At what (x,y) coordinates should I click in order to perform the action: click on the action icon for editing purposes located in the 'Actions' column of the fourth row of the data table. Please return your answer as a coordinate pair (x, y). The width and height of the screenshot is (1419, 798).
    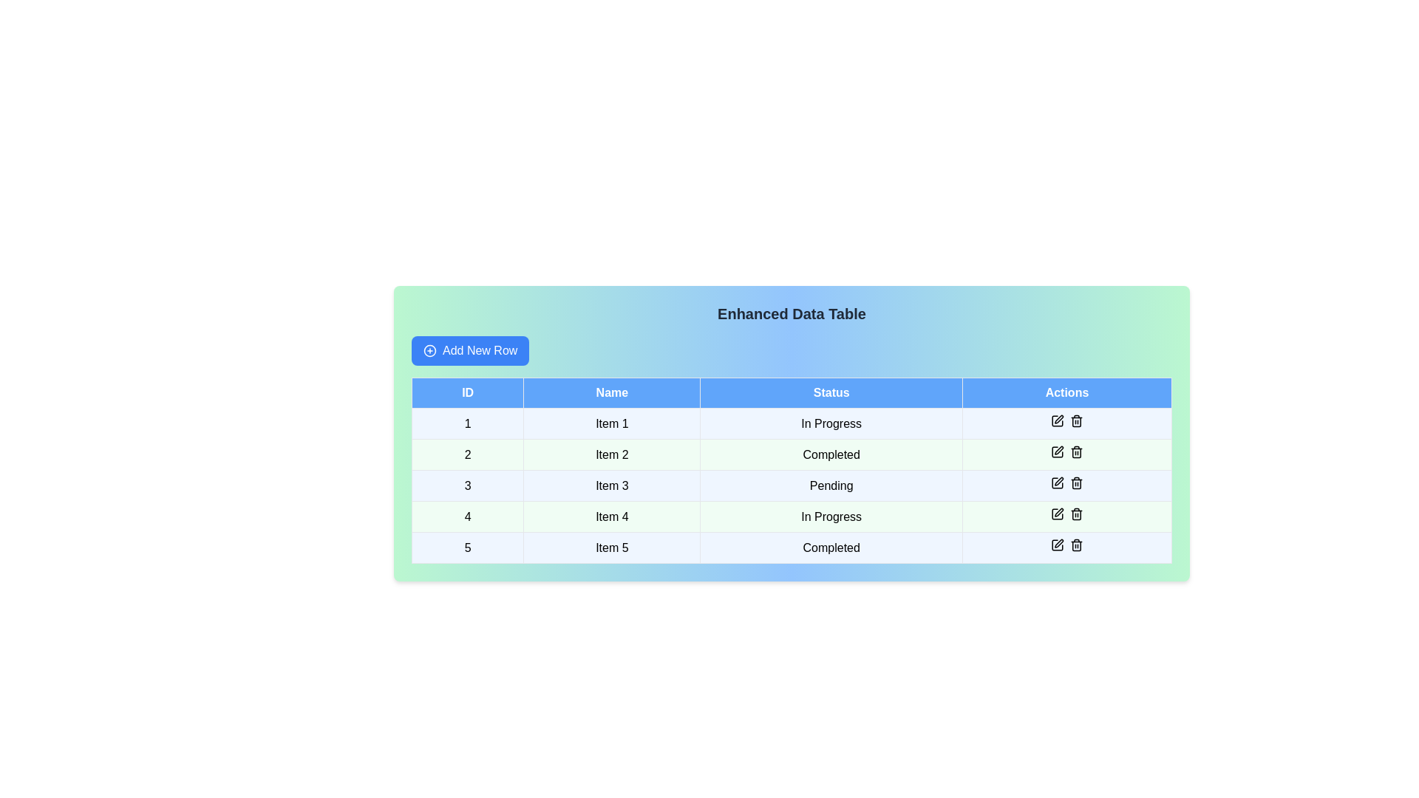
    Looking at the image, I should click on (1056, 513).